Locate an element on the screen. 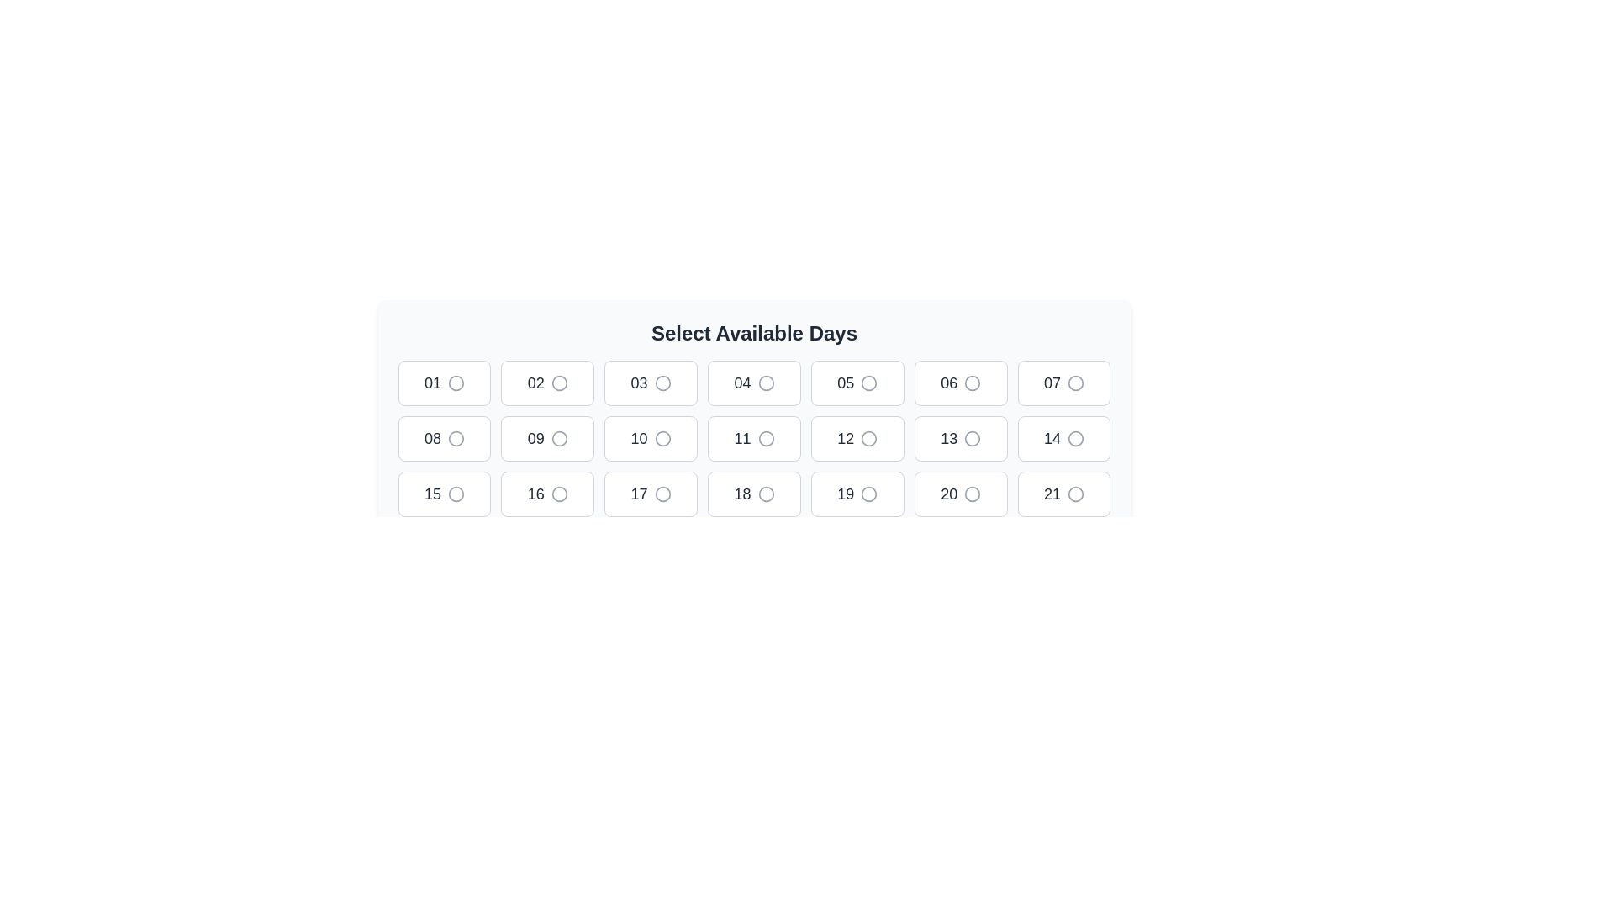 The width and height of the screenshot is (1614, 908). the circular icon with a gray outline located to the right of the text '01' inside its button is located at coordinates (456, 383).